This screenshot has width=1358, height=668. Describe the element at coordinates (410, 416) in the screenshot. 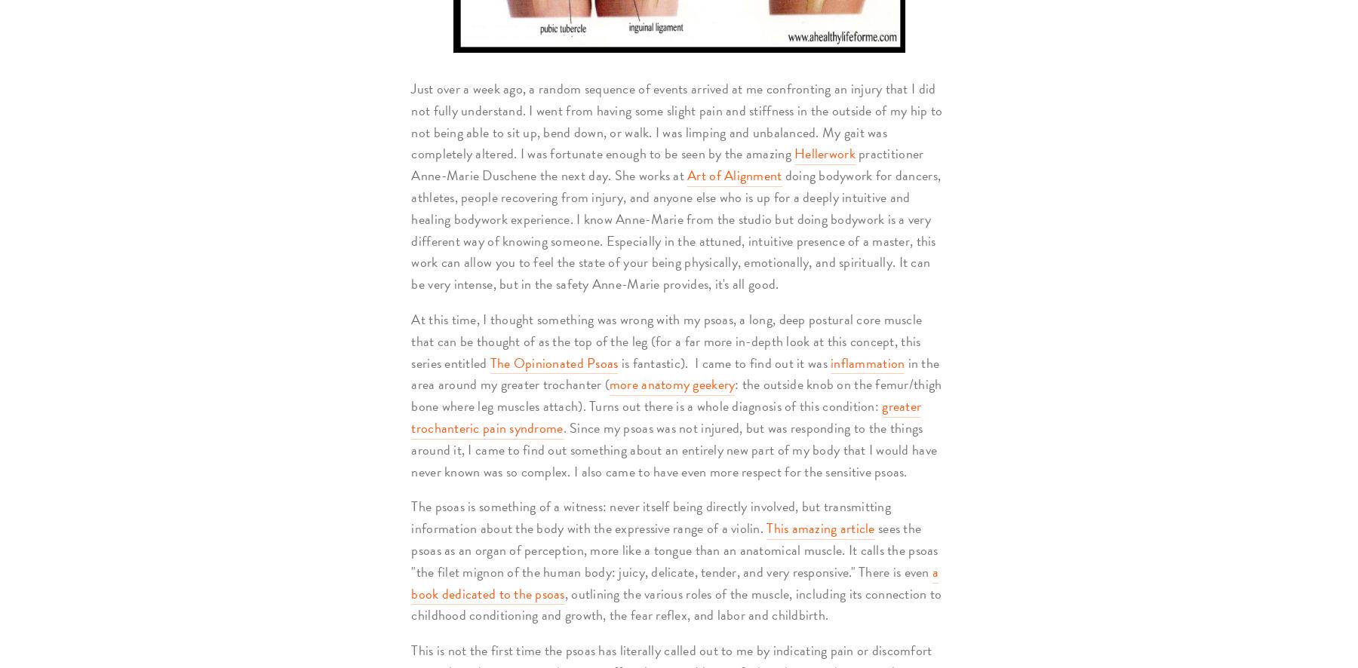

I see `'greater trochanteric pain syndrome'` at that location.